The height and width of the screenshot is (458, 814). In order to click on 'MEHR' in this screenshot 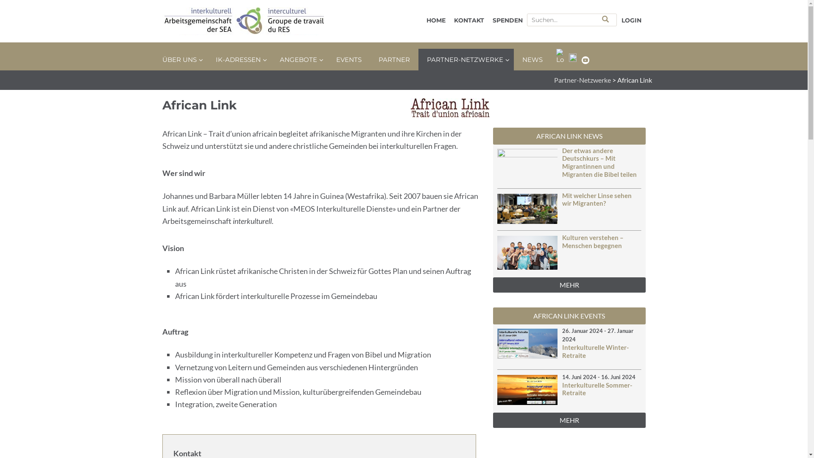, I will do `click(569, 420)`.